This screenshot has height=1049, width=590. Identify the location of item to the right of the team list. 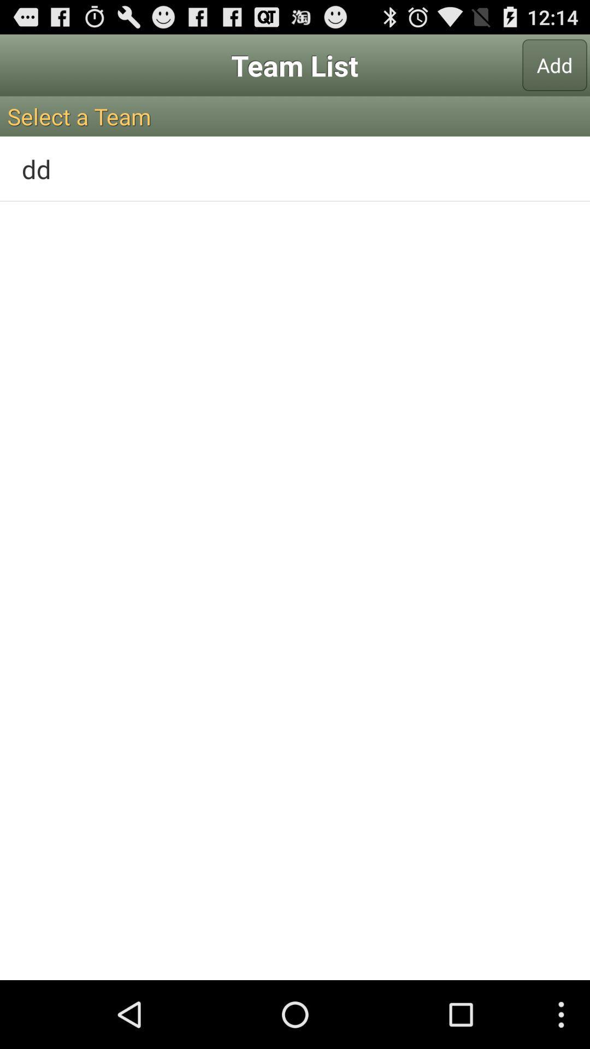
(554, 64).